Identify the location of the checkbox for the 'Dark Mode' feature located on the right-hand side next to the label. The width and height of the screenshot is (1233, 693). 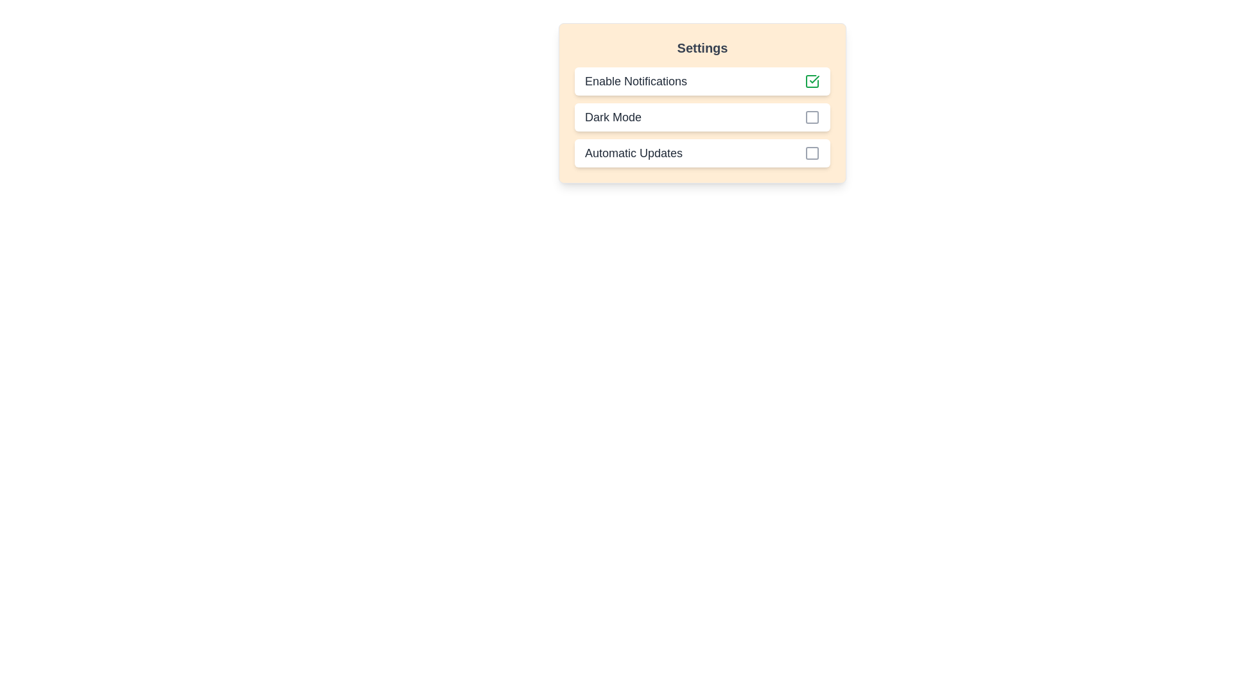
(812, 117).